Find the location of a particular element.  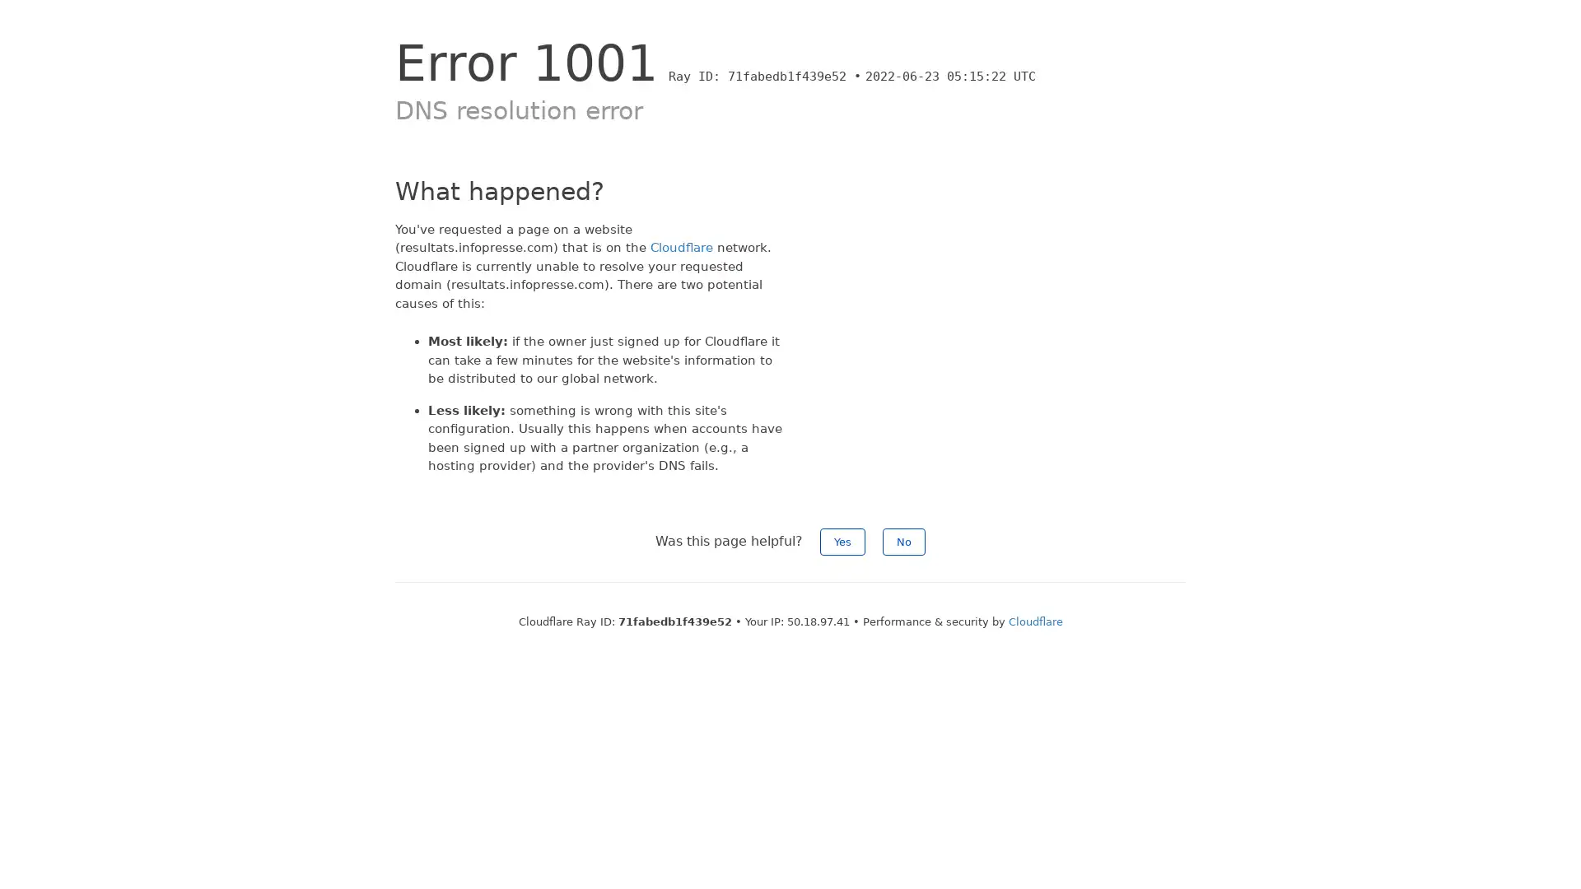

Yes is located at coordinates (842, 541).